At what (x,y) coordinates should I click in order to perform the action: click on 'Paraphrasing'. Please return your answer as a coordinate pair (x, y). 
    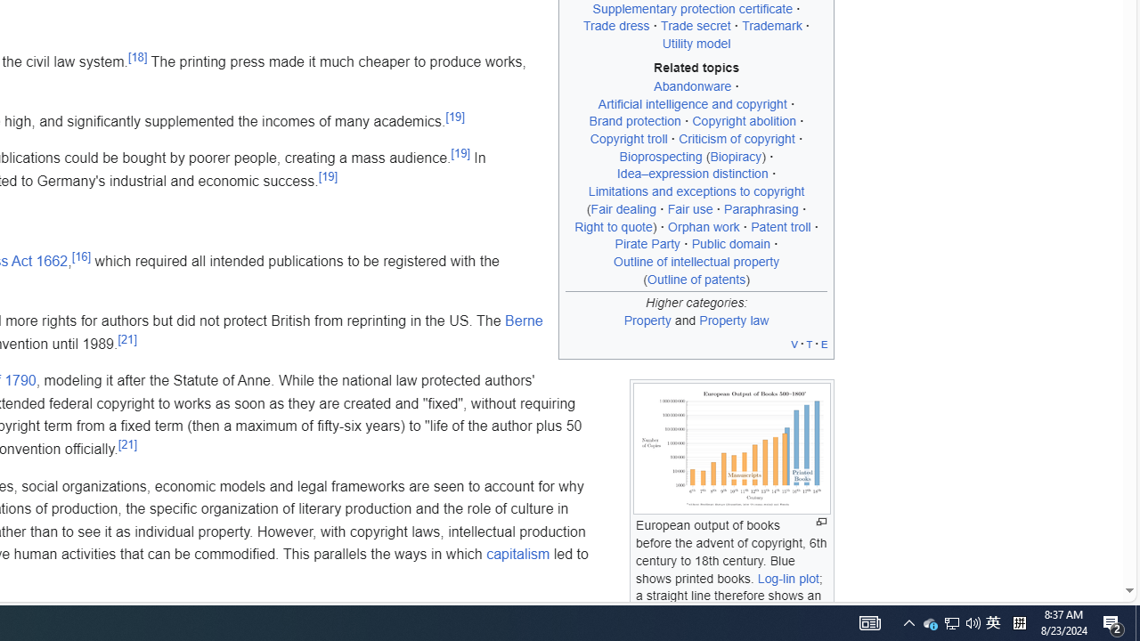
    Looking at the image, I should click on (761, 207).